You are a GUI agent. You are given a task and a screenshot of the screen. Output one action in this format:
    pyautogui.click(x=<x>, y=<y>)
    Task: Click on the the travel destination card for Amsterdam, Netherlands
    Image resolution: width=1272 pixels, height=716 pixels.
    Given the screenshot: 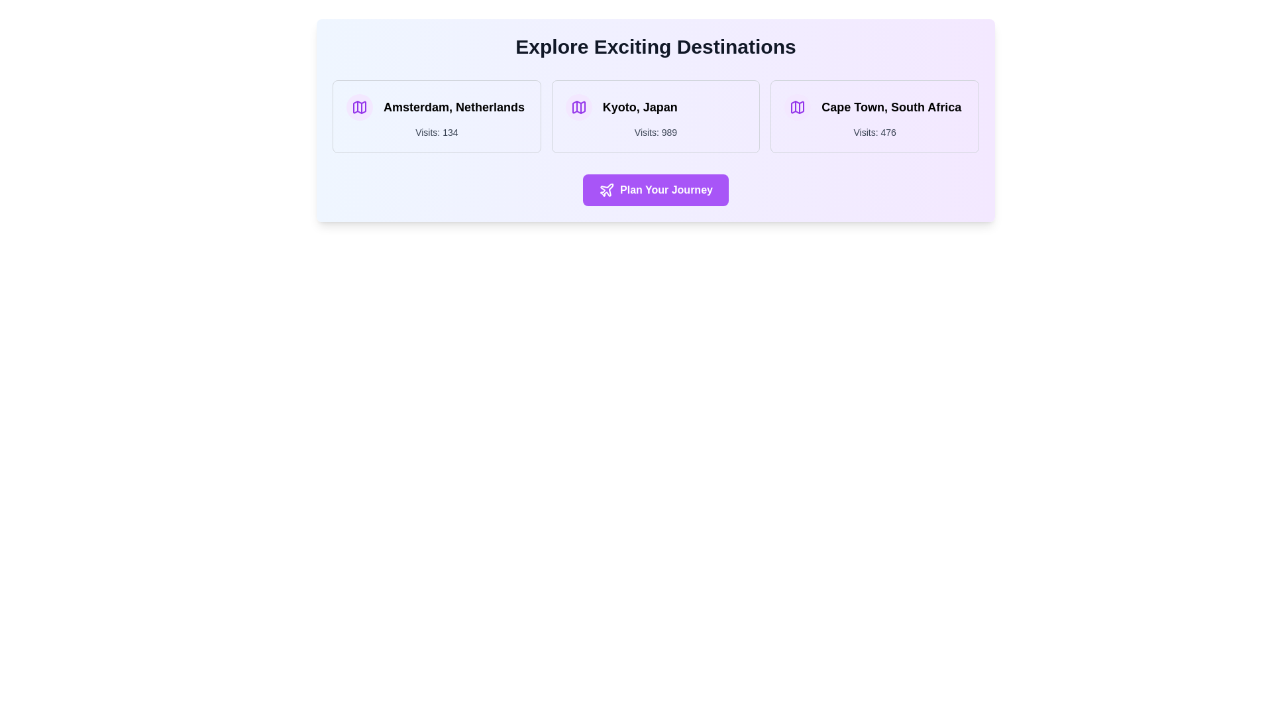 What is the action you would take?
    pyautogui.click(x=436, y=116)
    